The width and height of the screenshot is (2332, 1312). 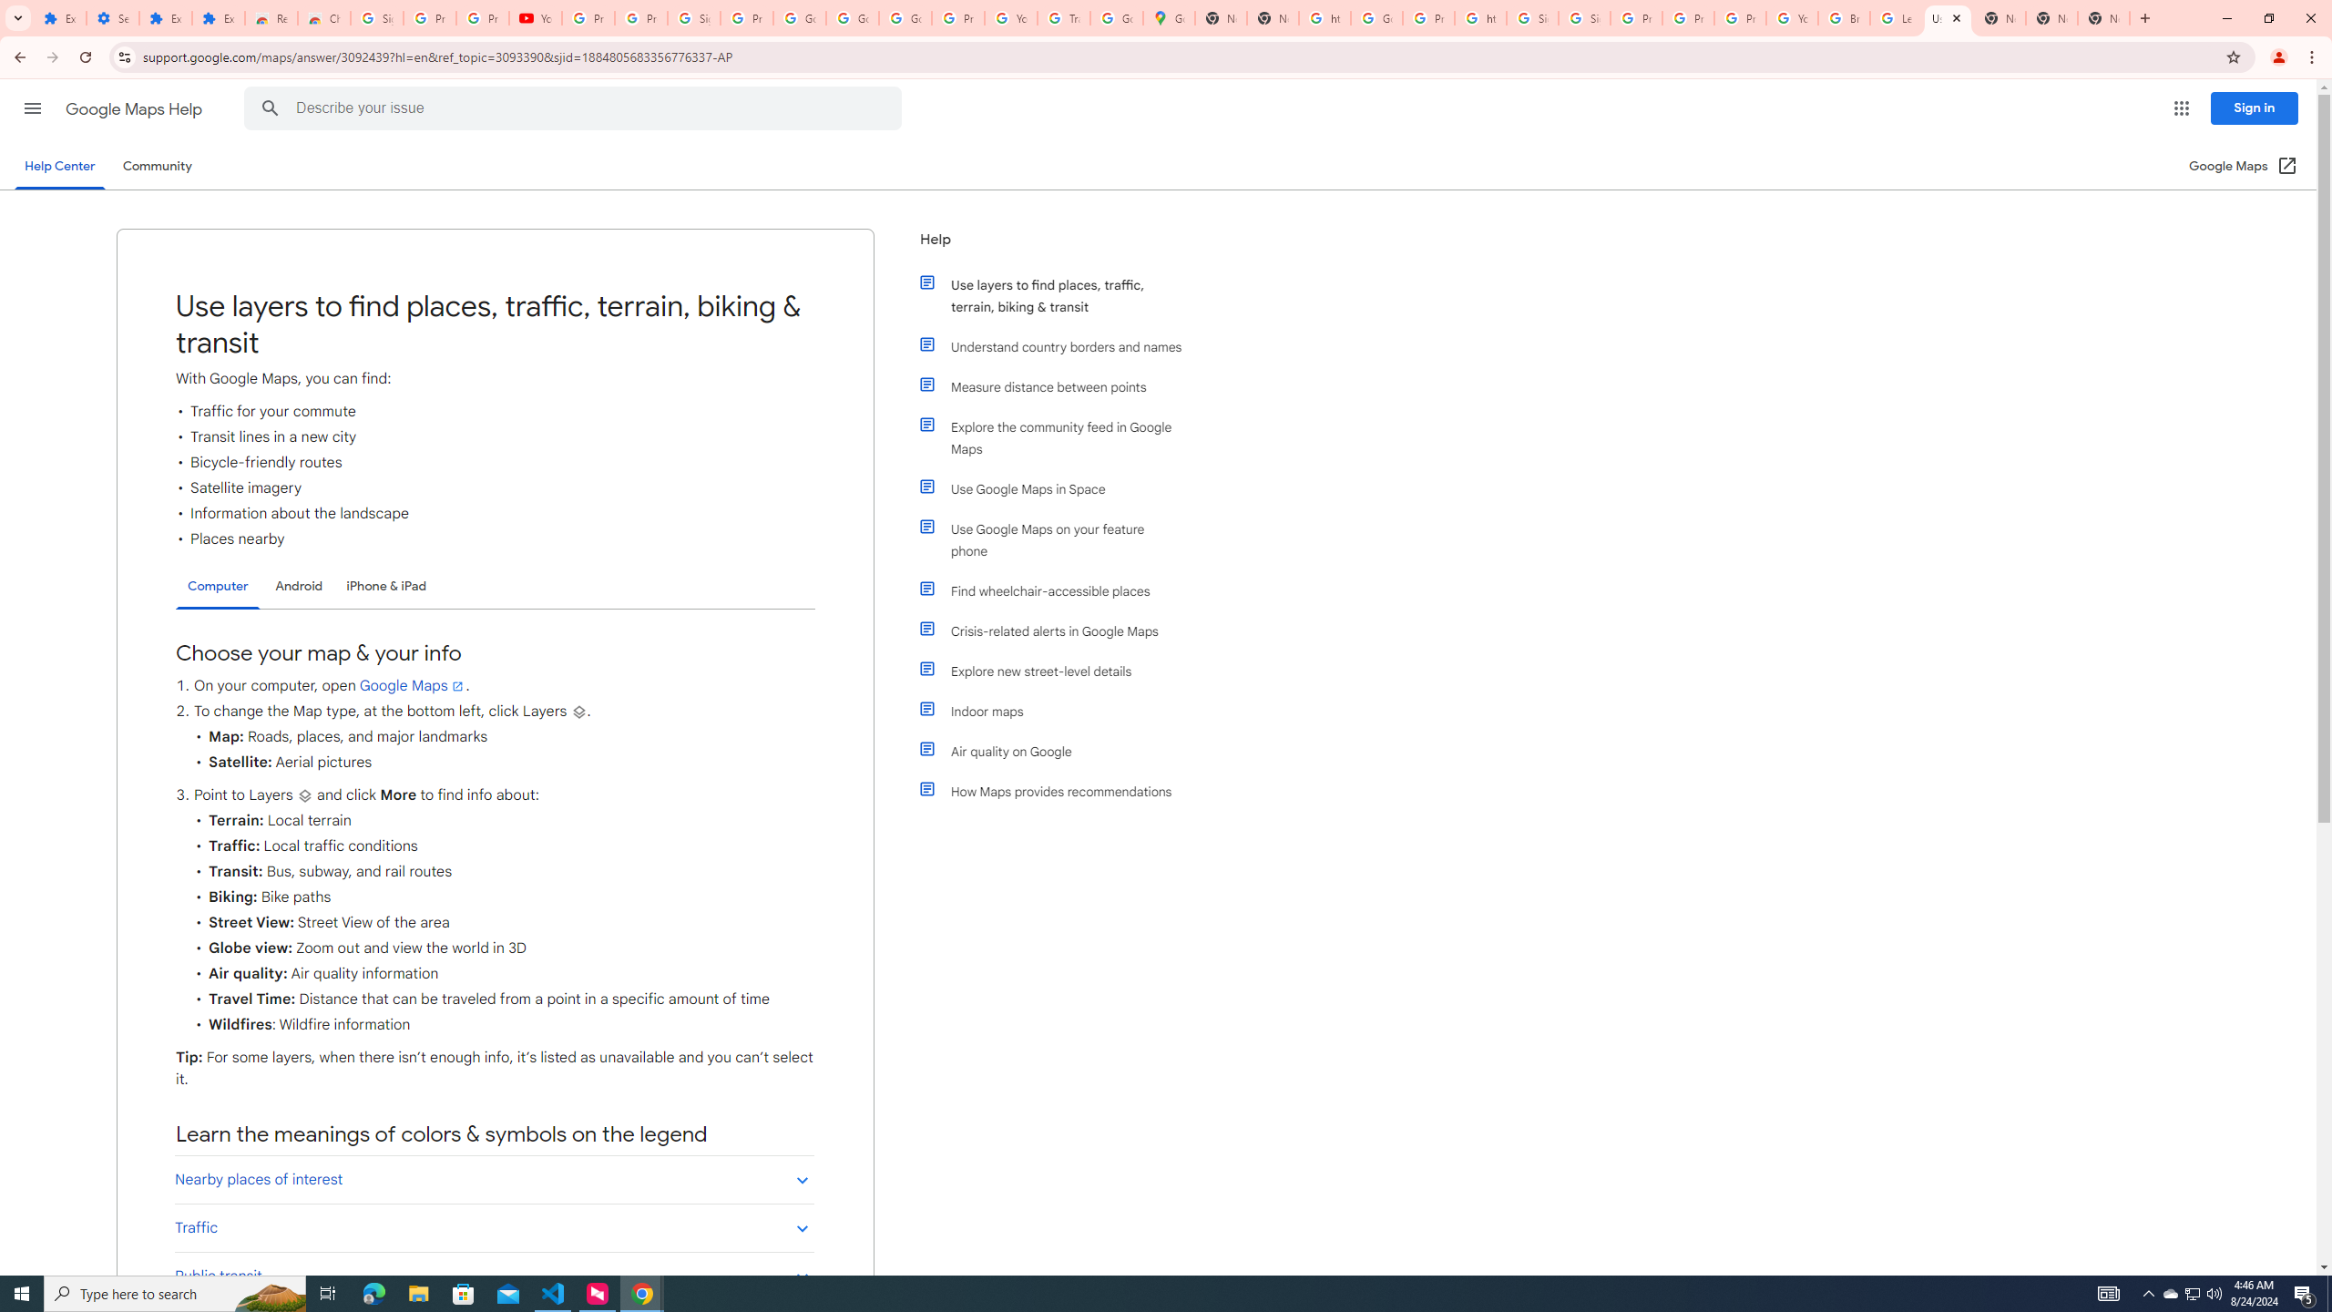 What do you see at coordinates (1687, 17) in the screenshot?
I see `'Privacy Help Center - Policies Help'` at bounding box center [1687, 17].